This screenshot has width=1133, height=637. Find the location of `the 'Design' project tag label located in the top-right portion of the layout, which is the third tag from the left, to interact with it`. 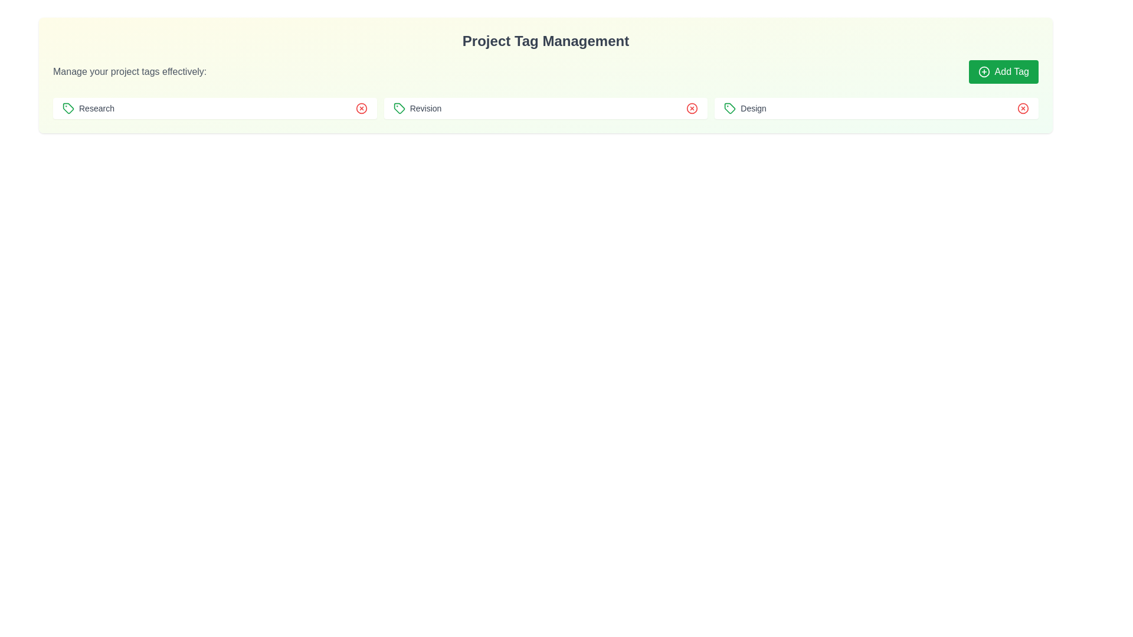

the 'Design' project tag label located in the top-right portion of the layout, which is the third tag from the left, to interact with it is located at coordinates (744, 109).